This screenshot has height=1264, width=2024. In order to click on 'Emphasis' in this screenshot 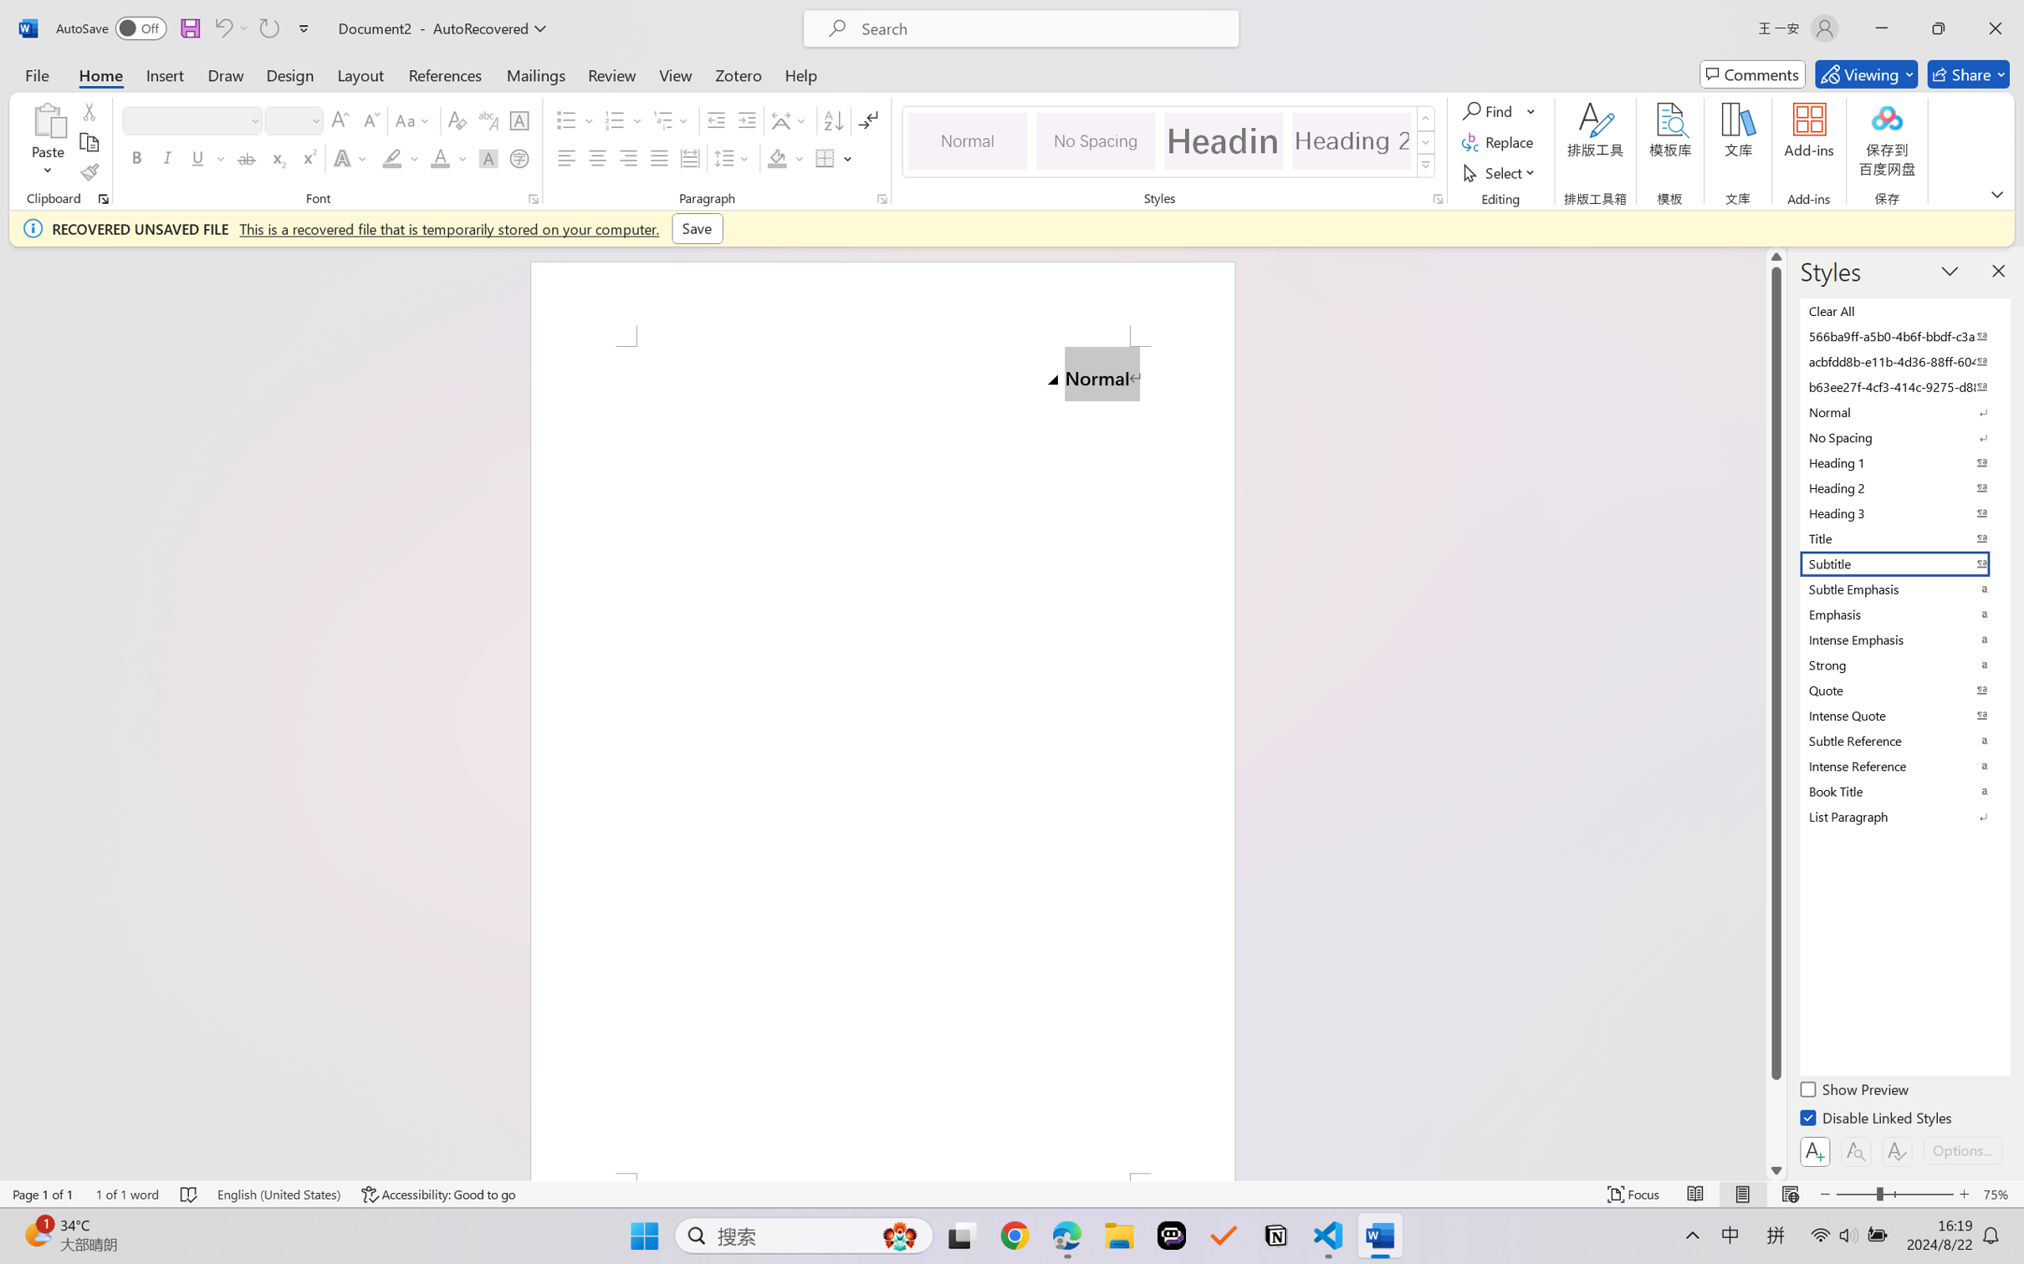, I will do `click(1903, 613)`.